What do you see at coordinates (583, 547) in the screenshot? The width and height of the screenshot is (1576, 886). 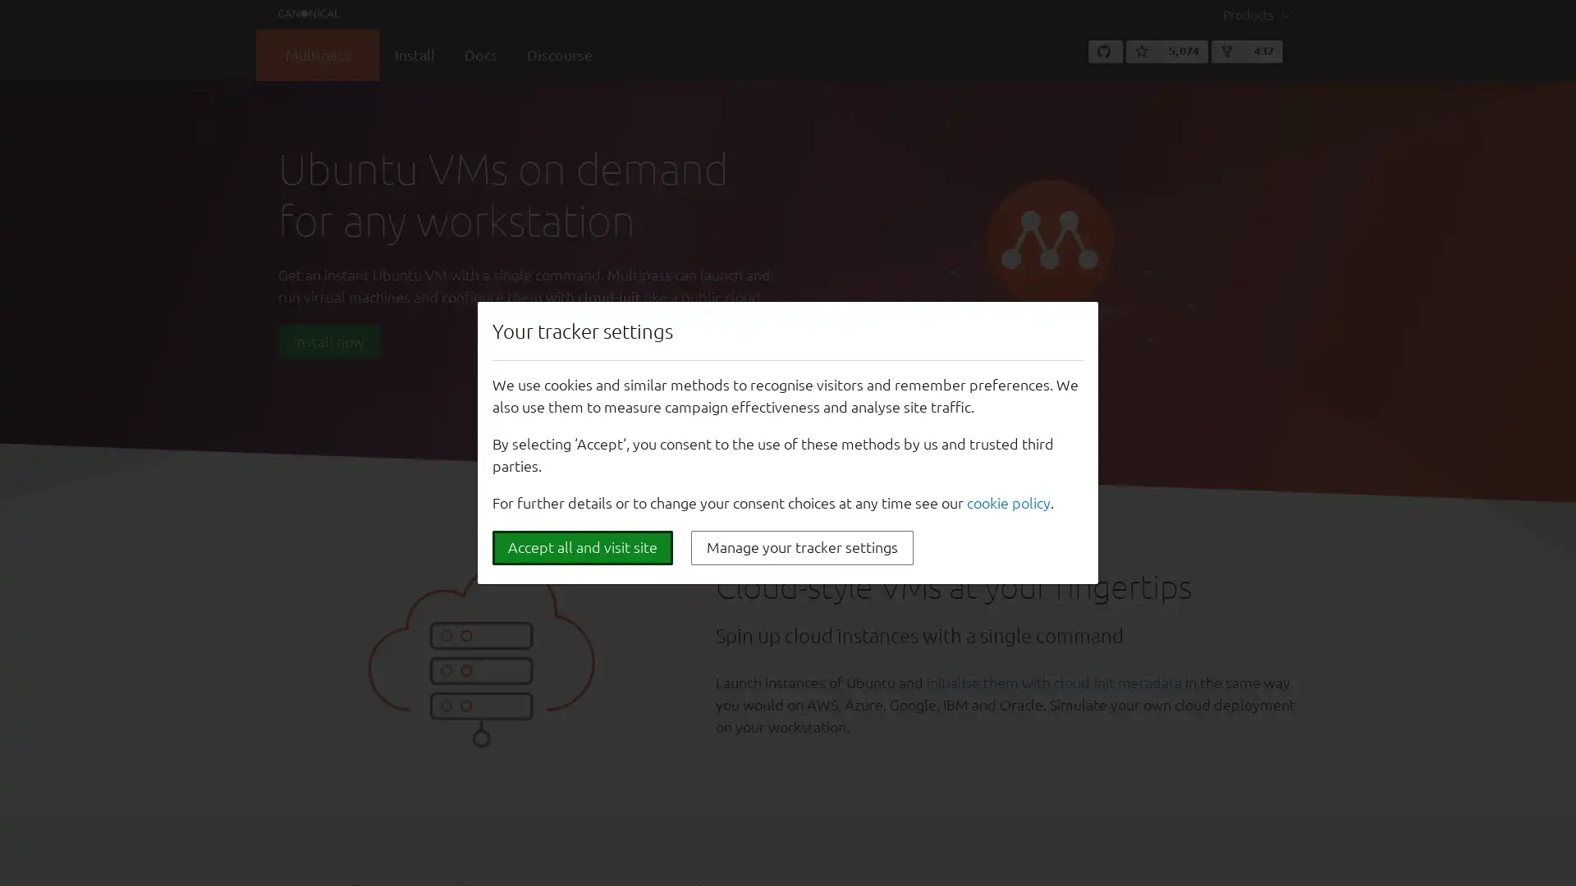 I see `Accept all and visit site` at bounding box center [583, 547].